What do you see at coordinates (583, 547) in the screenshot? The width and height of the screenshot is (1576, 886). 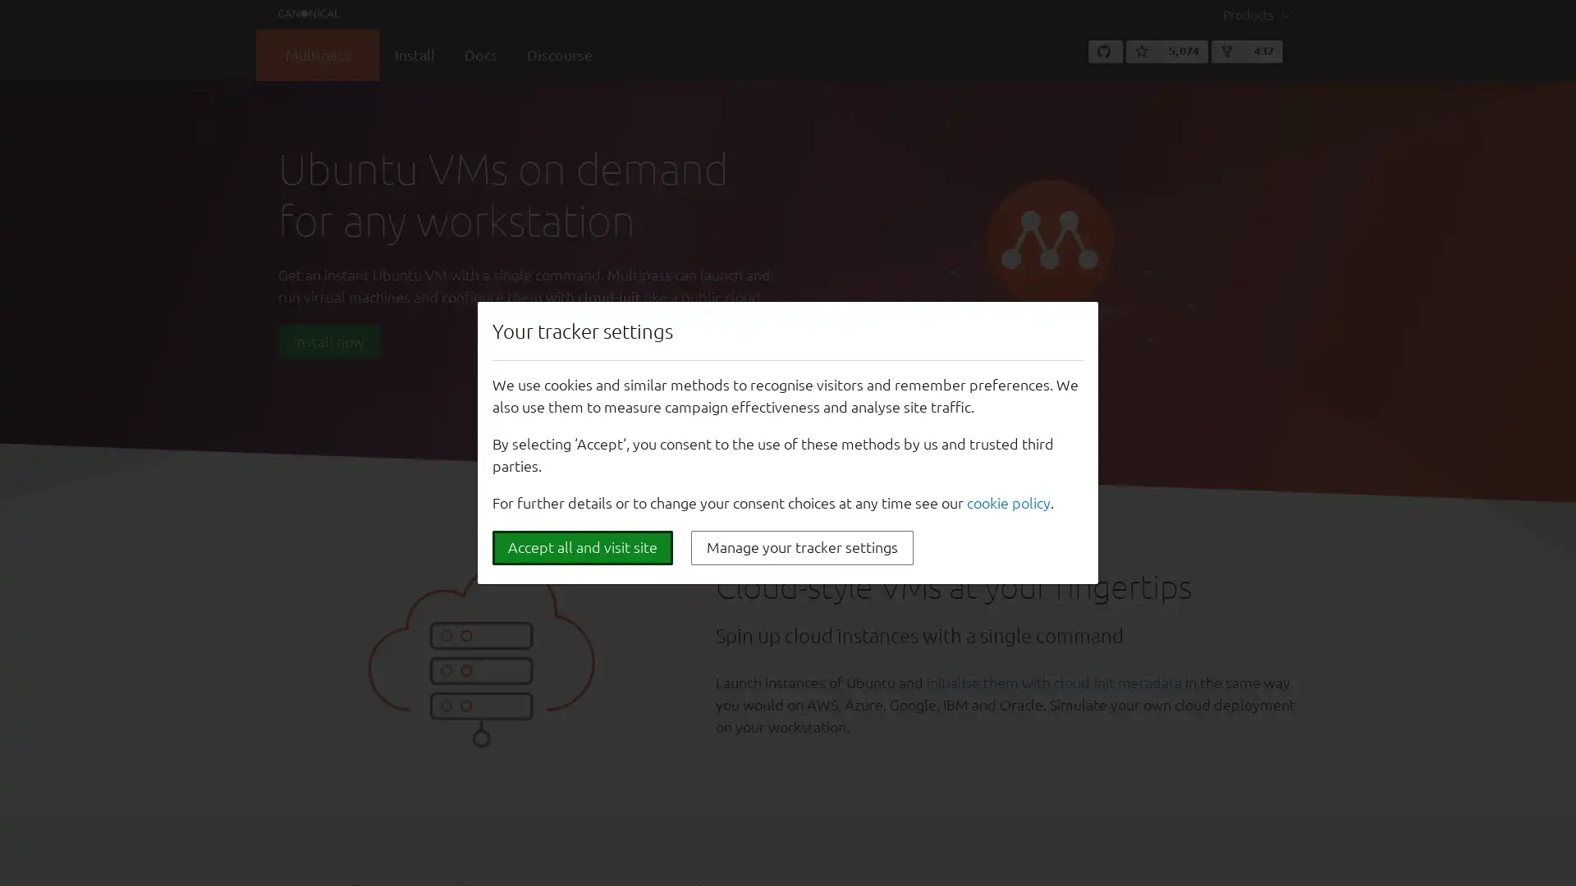 I see `Accept all and visit site` at bounding box center [583, 547].